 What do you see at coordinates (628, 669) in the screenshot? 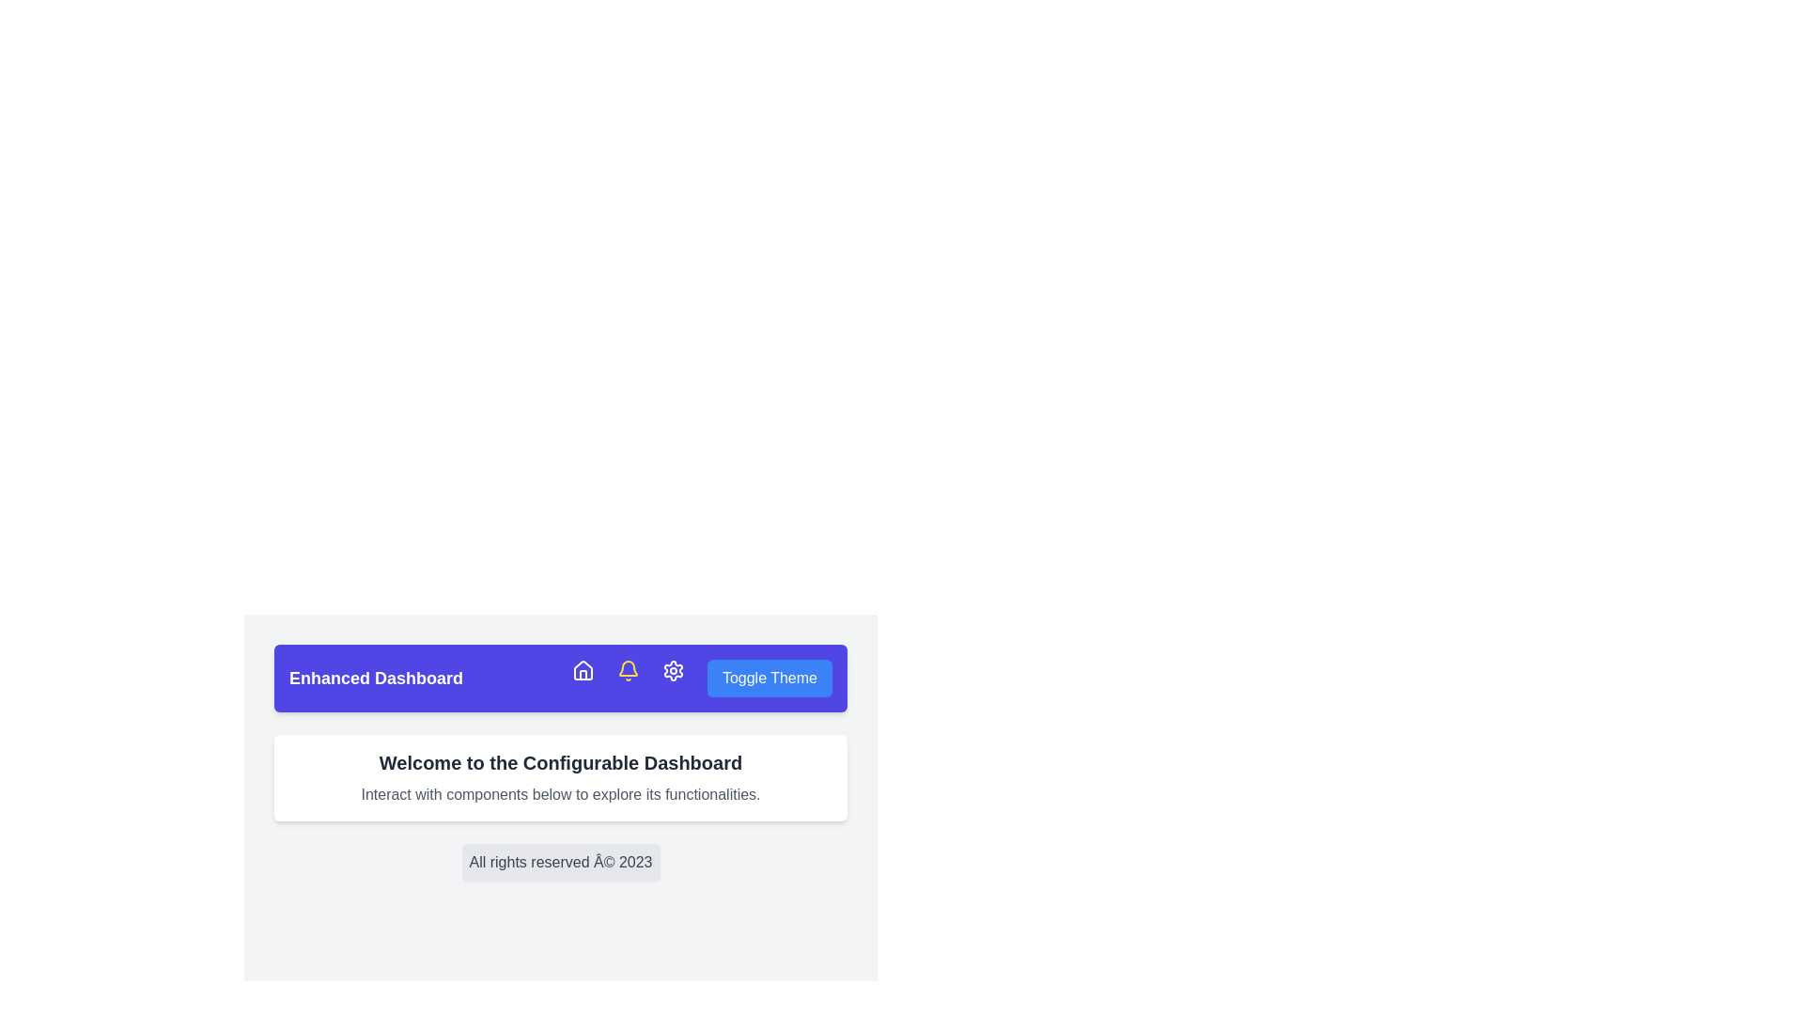
I see `the yellow bell icon located in the top center of the interface, which is positioned between the house and gear icons, to trigger a tooltip or animation` at bounding box center [628, 669].